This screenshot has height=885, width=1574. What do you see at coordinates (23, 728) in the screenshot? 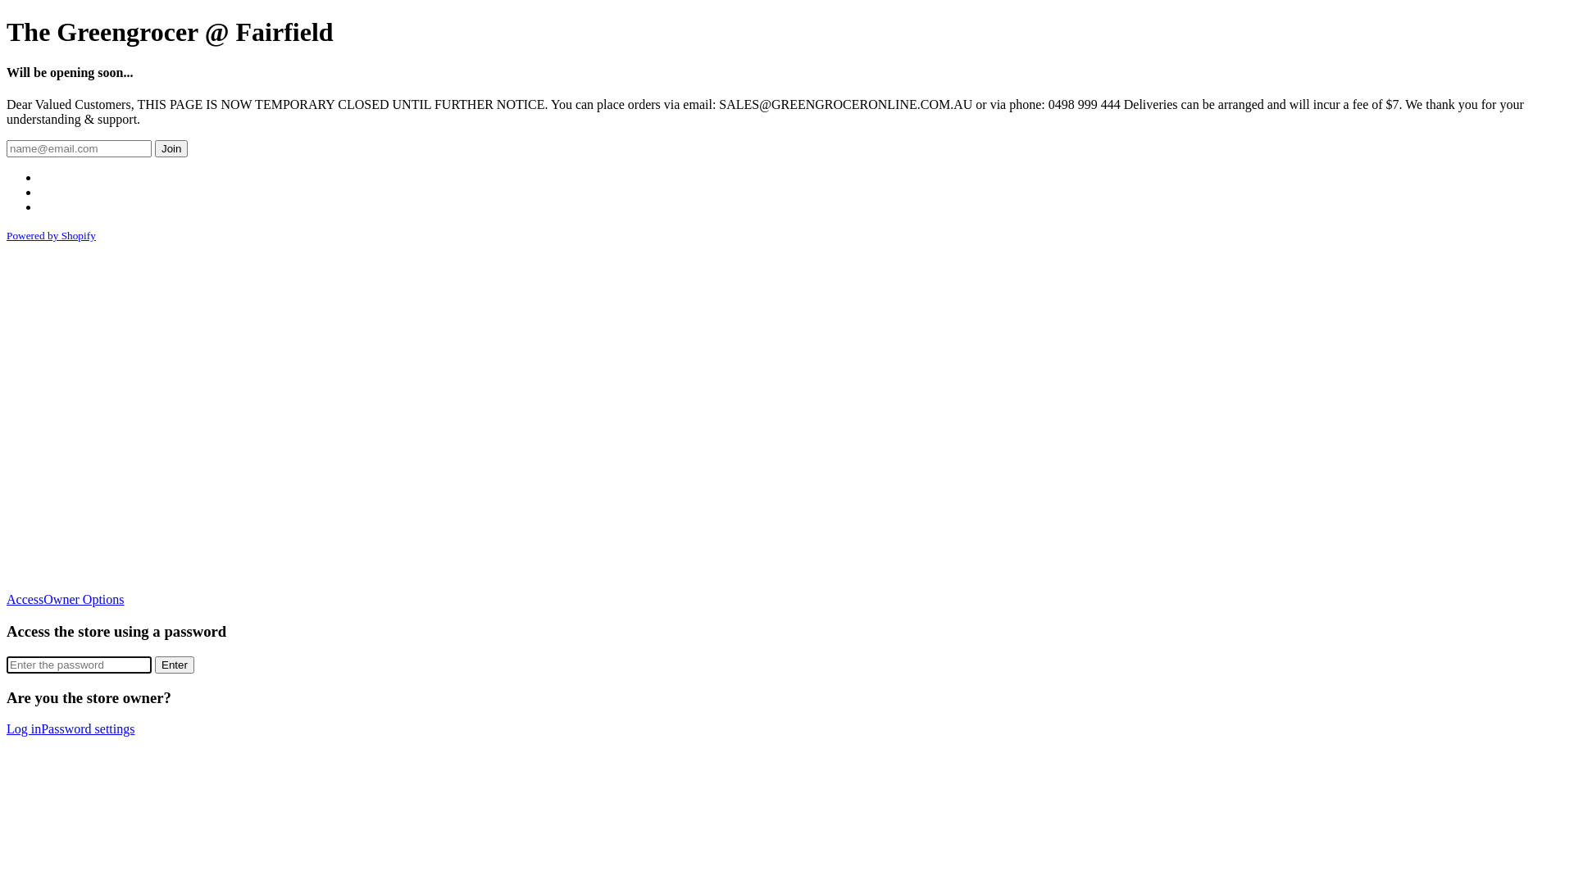
I see `'Log in'` at bounding box center [23, 728].